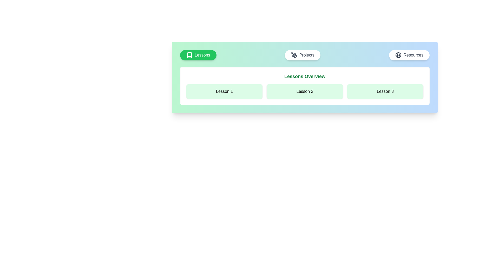  What do you see at coordinates (189, 55) in the screenshot?
I see `the small white book icon located within the green 'Lessons' button in the top left corner of the interface` at bounding box center [189, 55].